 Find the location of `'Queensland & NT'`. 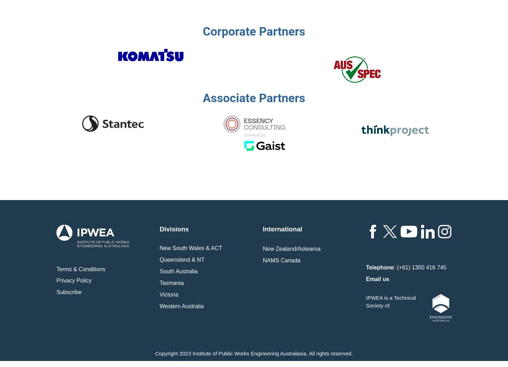

'Queensland & NT' is located at coordinates (159, 259).